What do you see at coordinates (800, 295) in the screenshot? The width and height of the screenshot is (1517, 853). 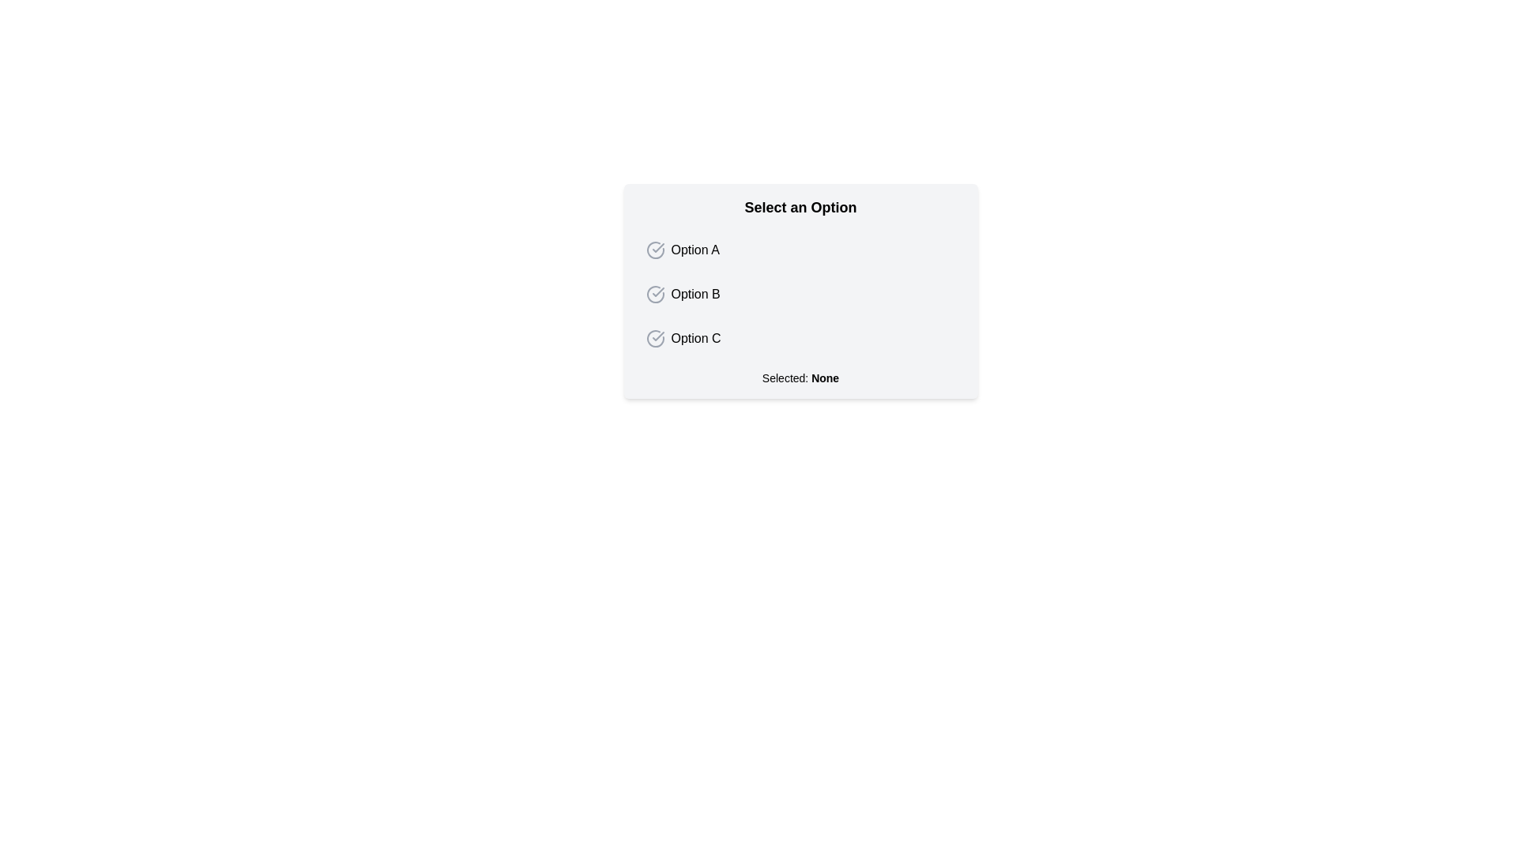 I see `the 'Option B' selectable item in the list` at bounding box center [800, 295].